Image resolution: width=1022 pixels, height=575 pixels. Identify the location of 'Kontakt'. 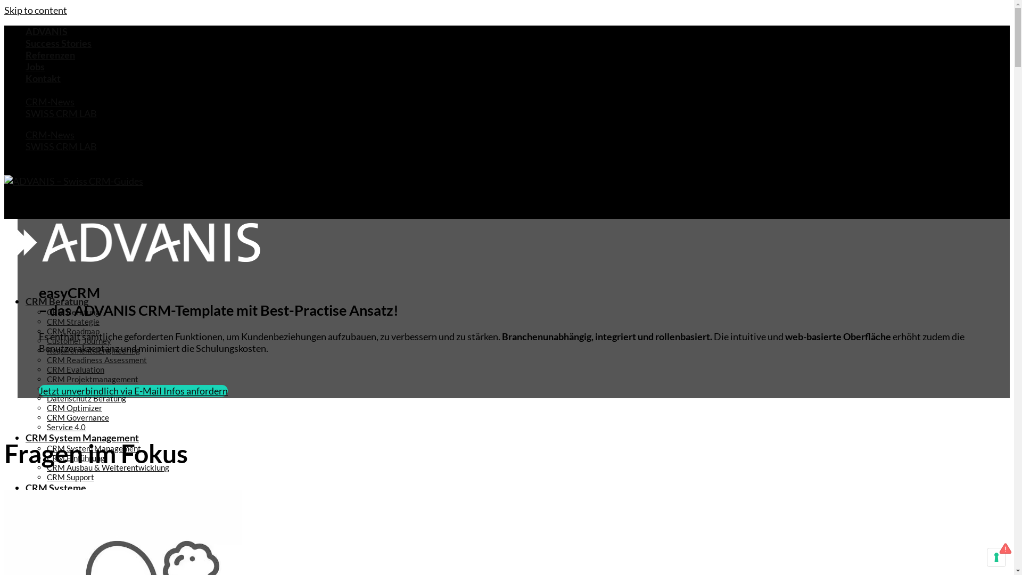
(43, 77).